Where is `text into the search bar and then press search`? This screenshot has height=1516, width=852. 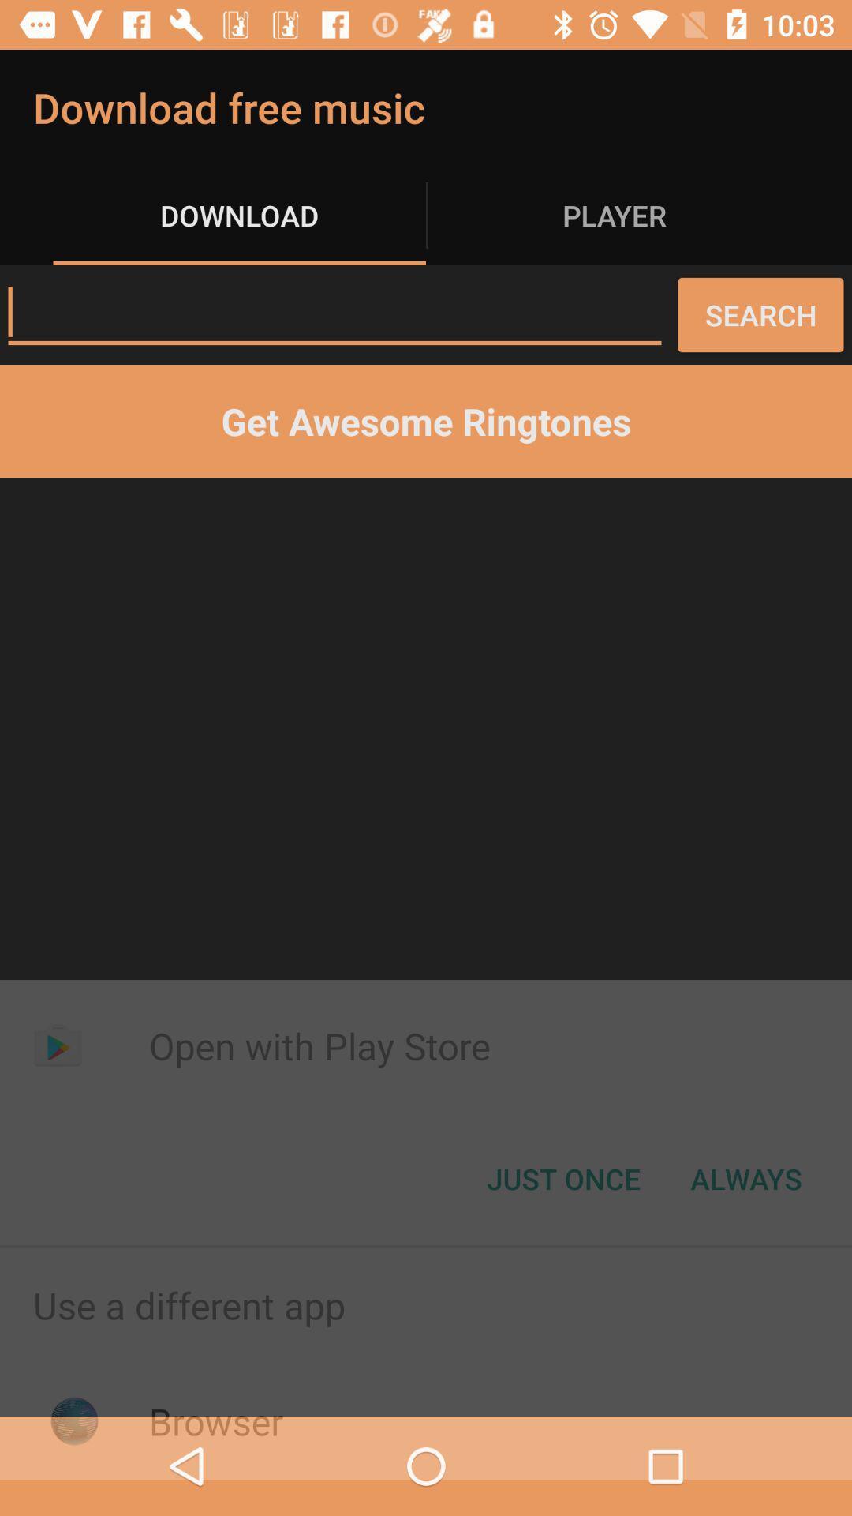 text into the search bar and then press search is located at coordinates (334, 312).